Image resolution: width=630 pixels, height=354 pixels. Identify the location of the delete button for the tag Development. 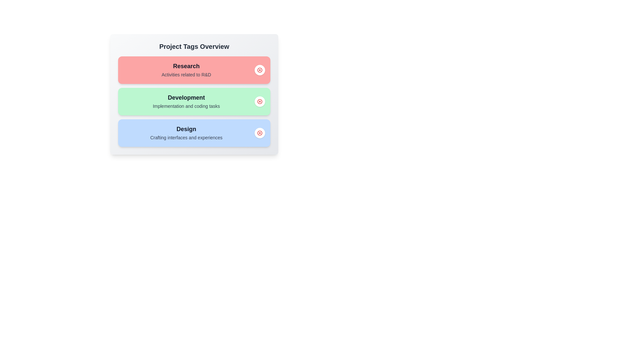
(260, 101).